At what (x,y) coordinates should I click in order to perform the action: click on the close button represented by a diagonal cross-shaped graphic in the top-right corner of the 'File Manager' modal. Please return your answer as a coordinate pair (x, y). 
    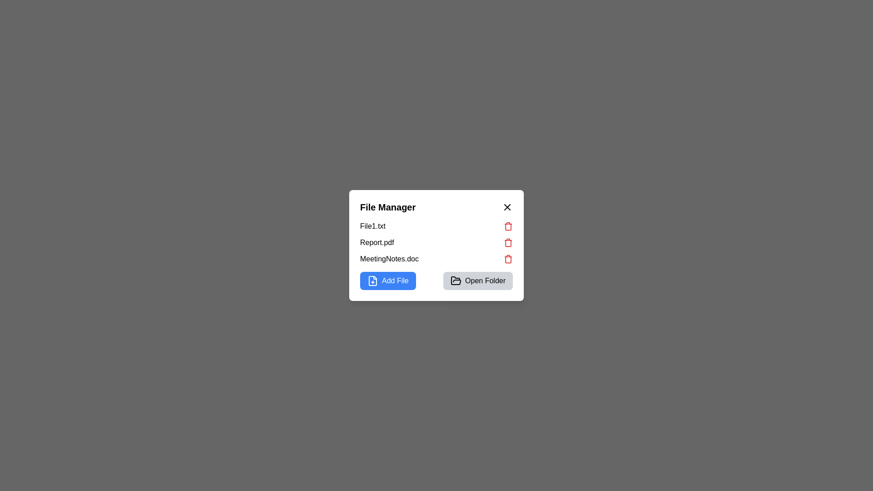
    Looking at the image, I should click on (507, 207).